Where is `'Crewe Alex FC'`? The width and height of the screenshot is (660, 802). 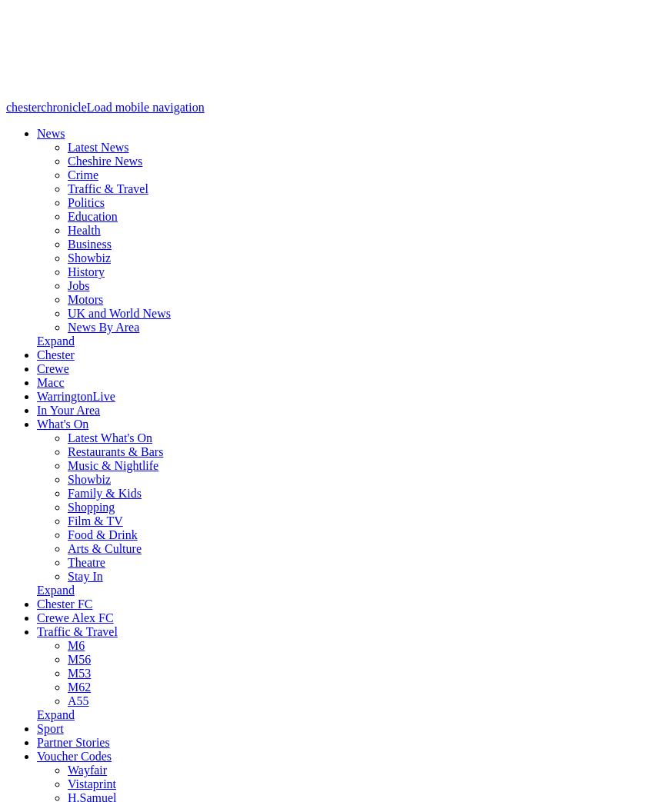 'Crewe Alex FC' is located at coordinates (35, 617).